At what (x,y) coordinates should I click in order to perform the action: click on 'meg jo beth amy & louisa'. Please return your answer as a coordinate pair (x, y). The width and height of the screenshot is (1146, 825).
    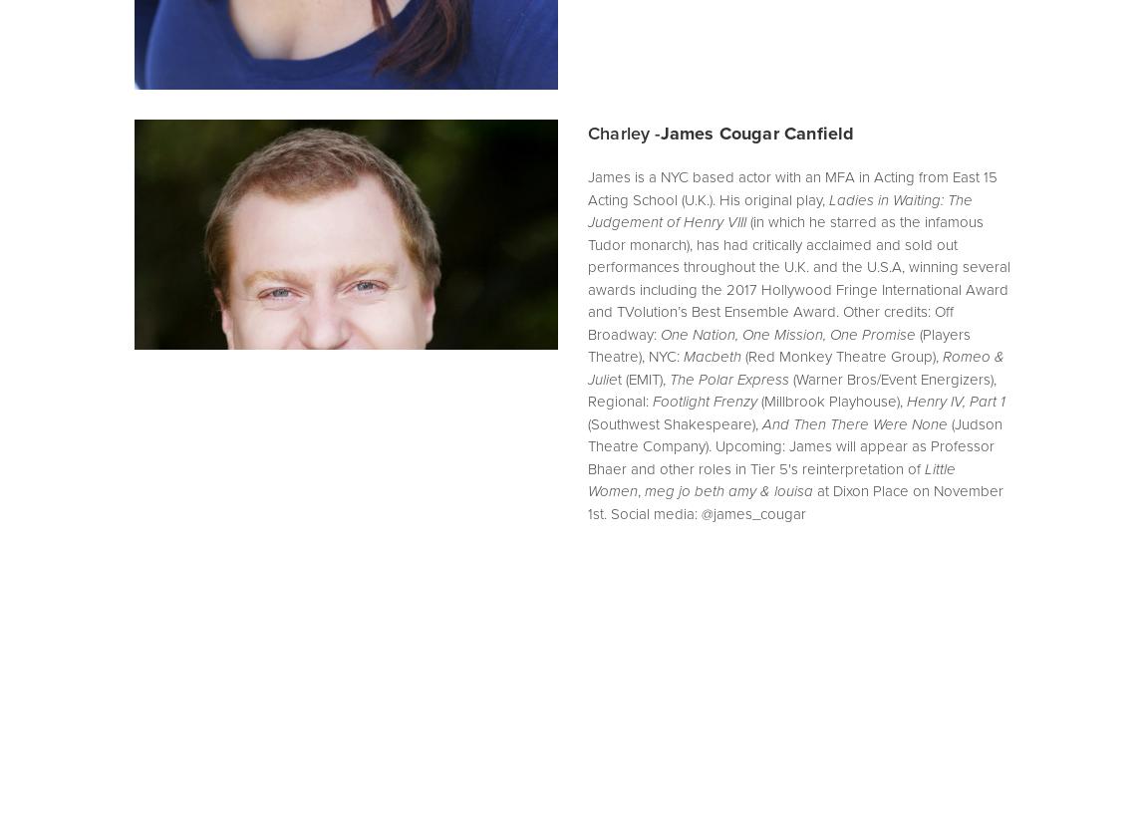
    Looking at the image, I should click on (643, 490).